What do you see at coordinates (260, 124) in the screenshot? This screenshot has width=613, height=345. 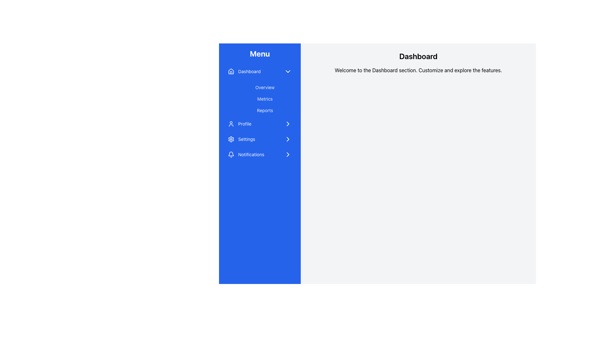 I see `the fifth menu item` at bounding box center [260, 124].